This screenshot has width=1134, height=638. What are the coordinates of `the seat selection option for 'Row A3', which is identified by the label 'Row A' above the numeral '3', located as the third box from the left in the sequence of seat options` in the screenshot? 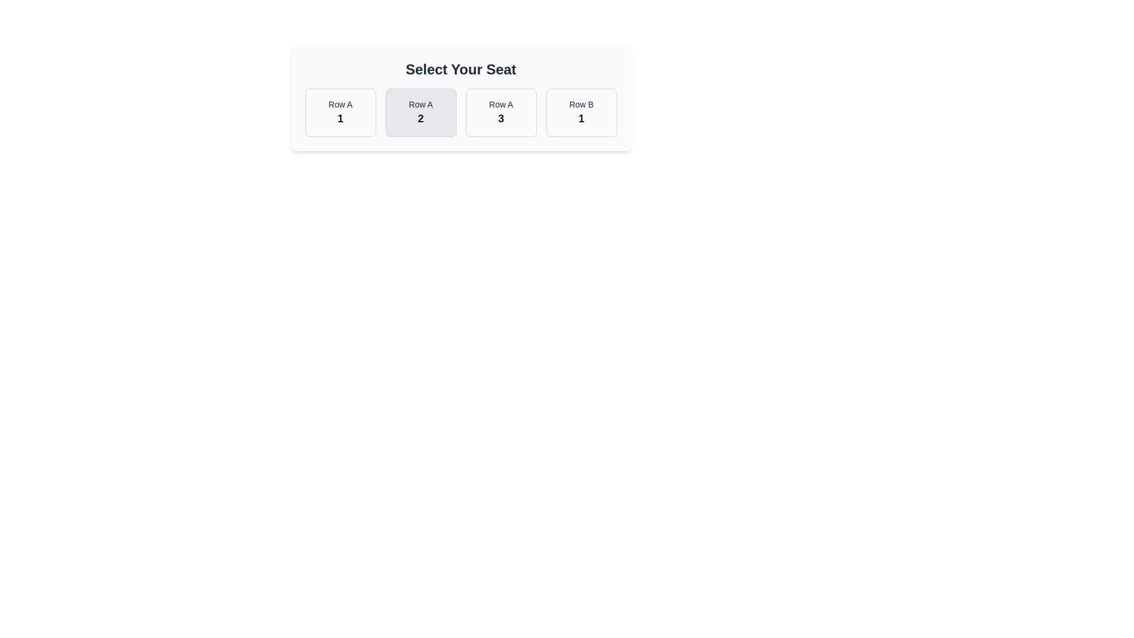 It's located at (501, 113).